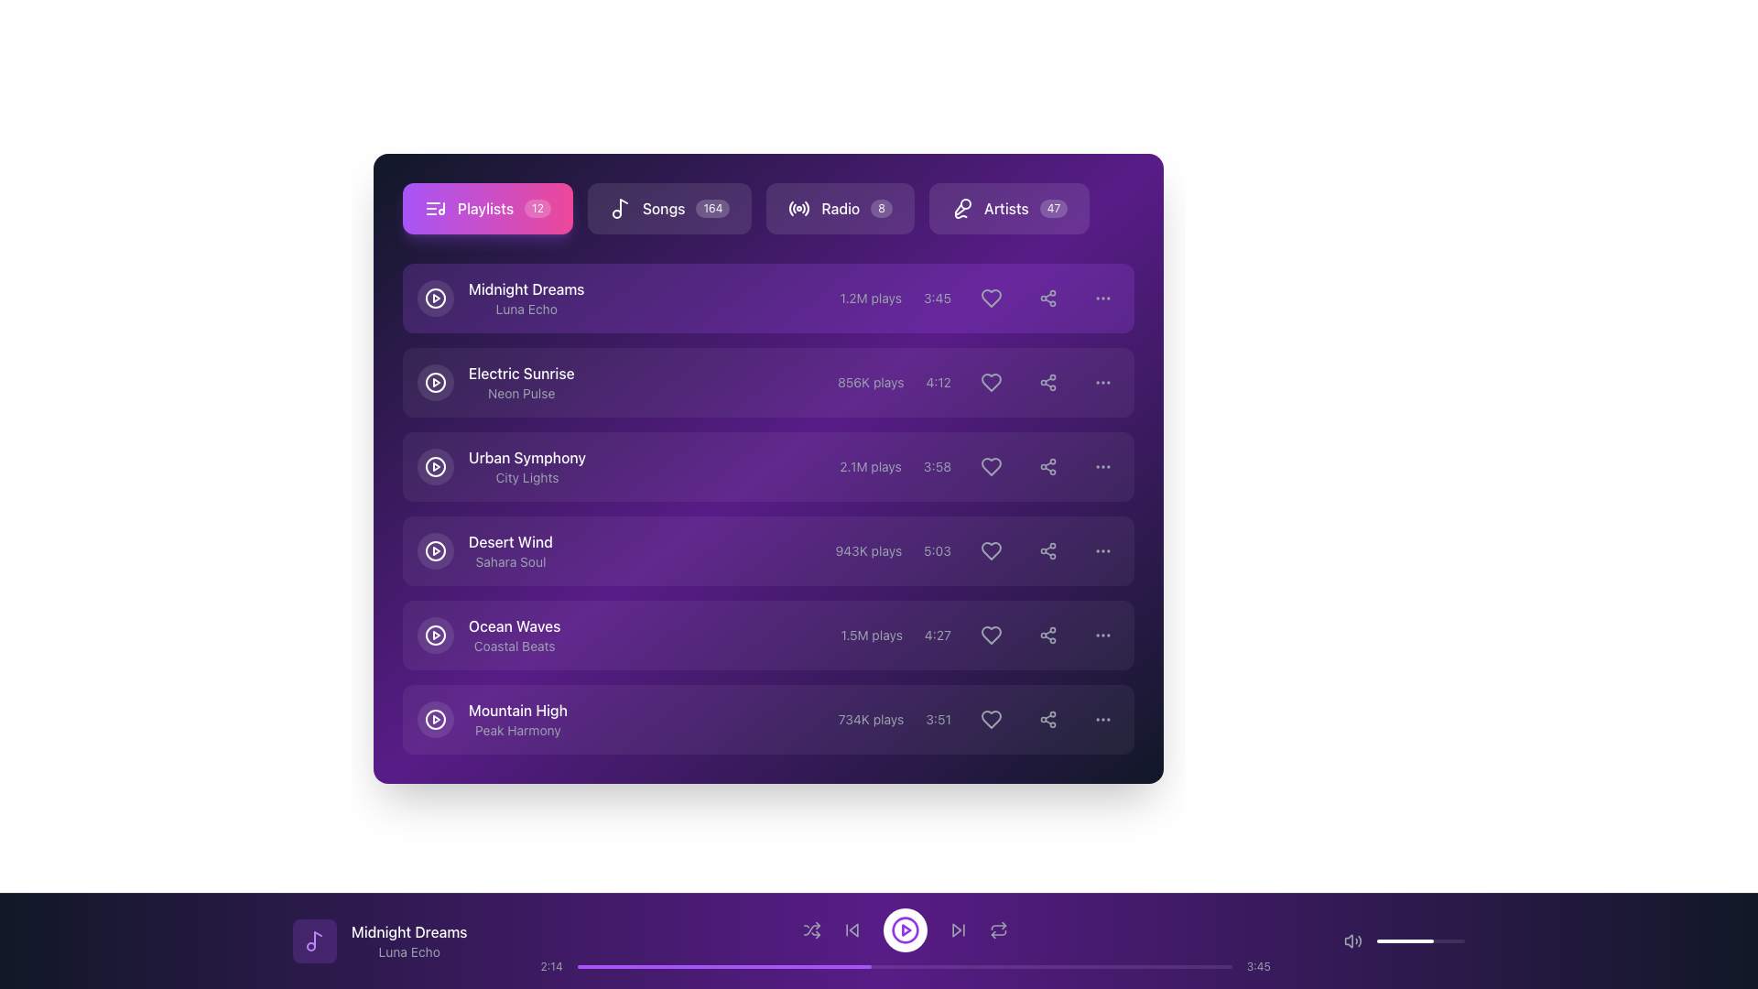 Image resolution: width=1758 pixels, height=989 pixels. I want to click on the ellipsis icon located on the rightmost side of the list entry for the song 'Ocean Waves' by 'Coastal Beats', so click(1101, 635).